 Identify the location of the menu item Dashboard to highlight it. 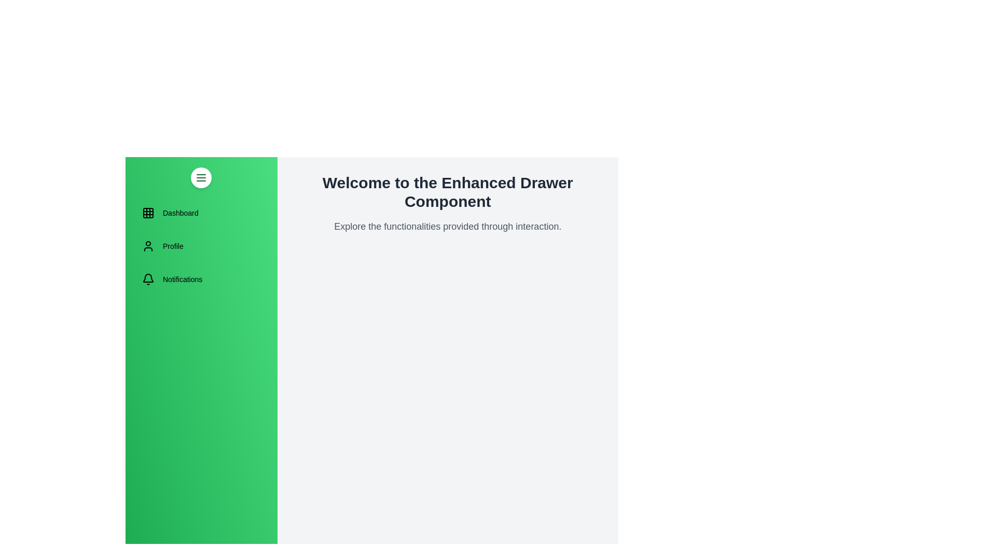
(201, 213).